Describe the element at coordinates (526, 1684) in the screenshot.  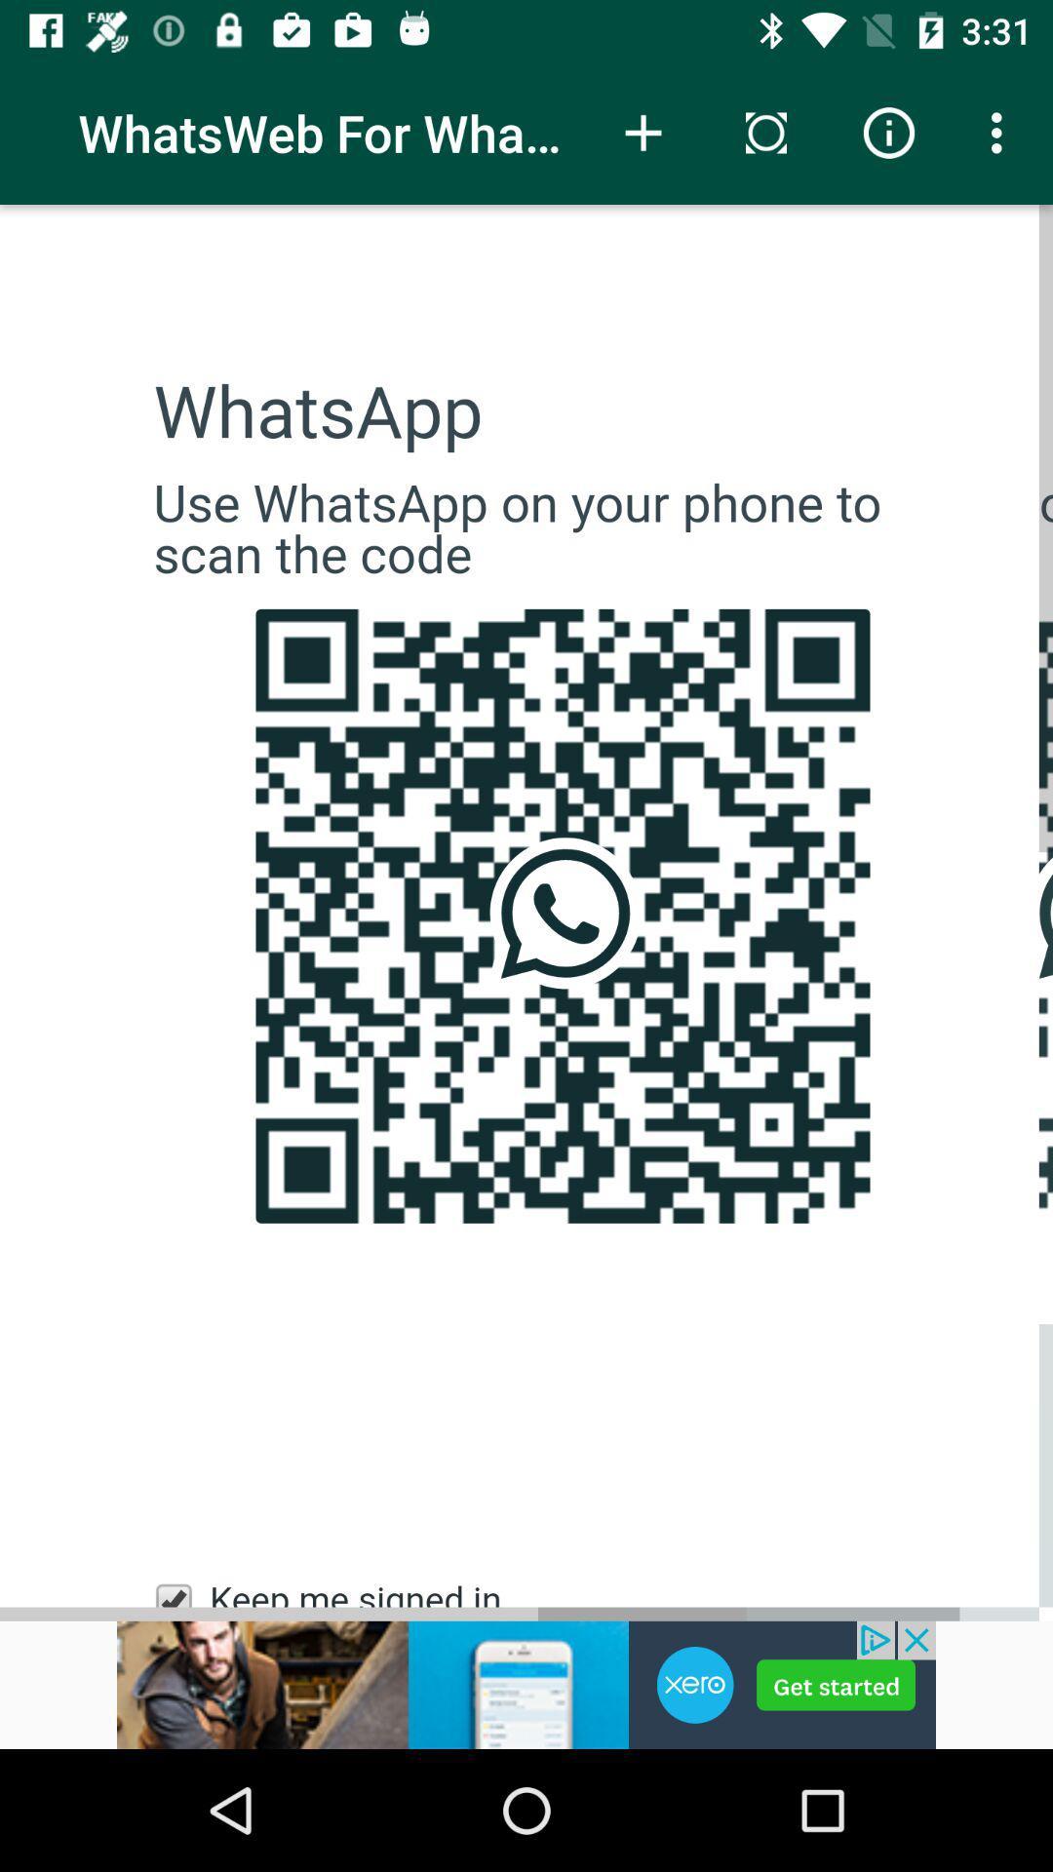
I see `click on advertisement` at that location.